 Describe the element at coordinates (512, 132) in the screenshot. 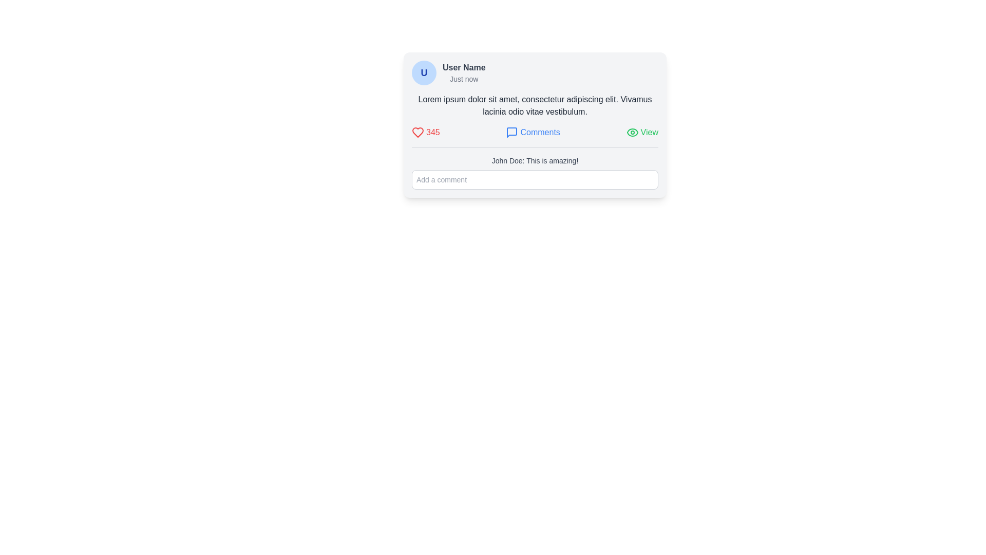

I see `the speech bubble icon located above the 'Comments' label, positioned between the heart icon and the eye icon` at that location.